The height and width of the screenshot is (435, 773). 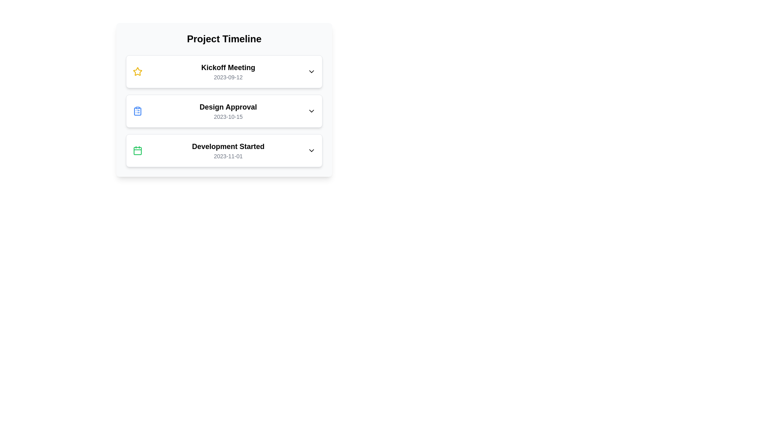 What do you see at coordinates (227, 111) in the screenshot?
I see `the 'Design Approval' text display element` at bounding box center [227, 111].